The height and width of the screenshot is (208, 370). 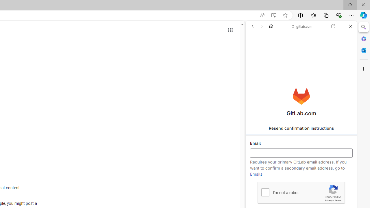 I want to click on 'gitlab.com', so click(x=302, y=26).